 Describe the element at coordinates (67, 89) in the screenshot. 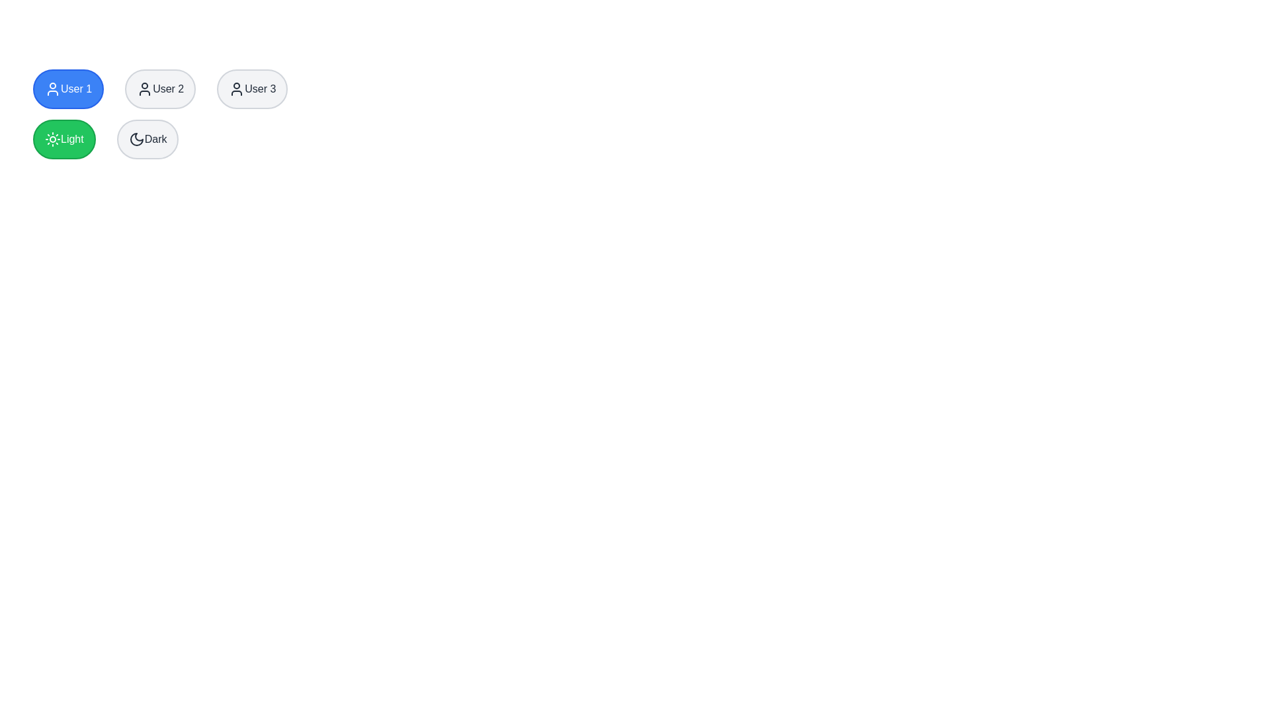

I see `the 'User 1' button located at the upper-left corner of the interface, which is the first button among three similar buttons` at that location.